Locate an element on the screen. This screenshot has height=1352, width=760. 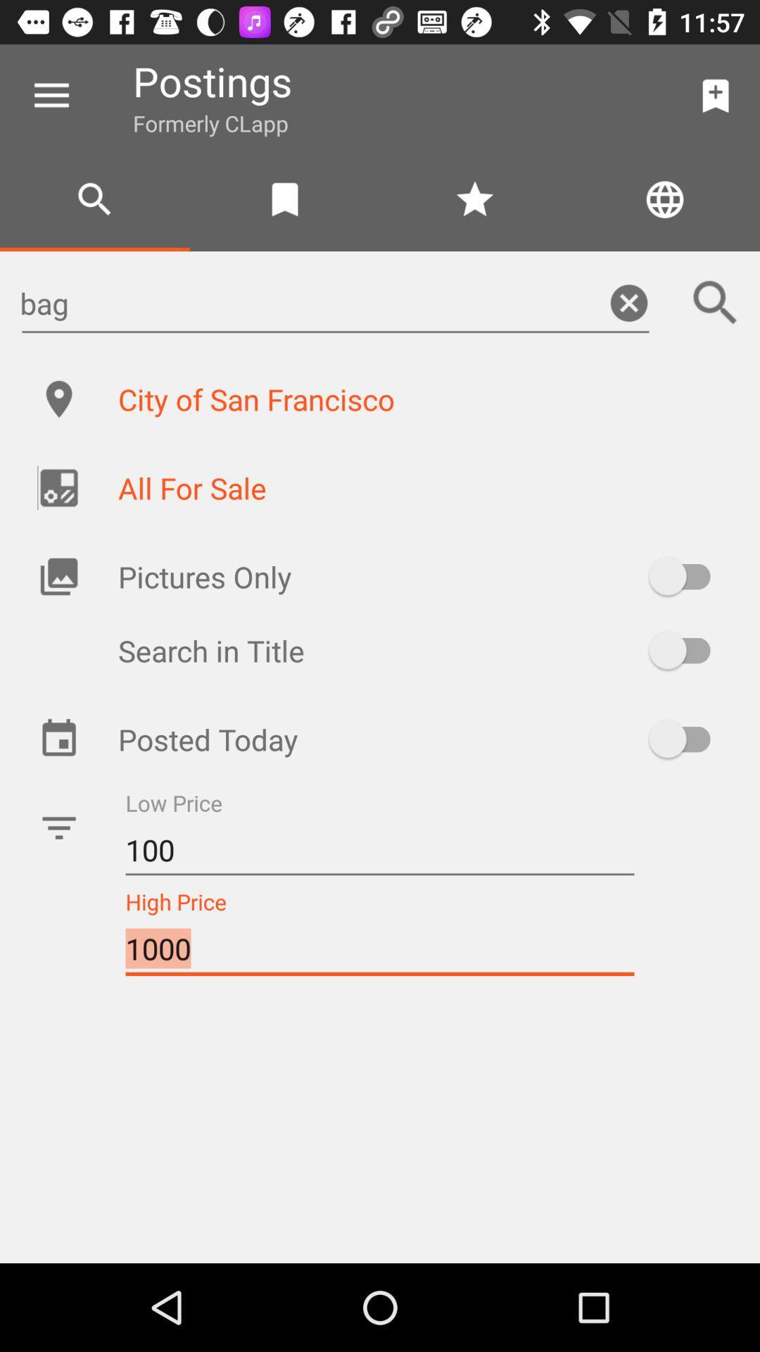
the city of san item is located at coordinates (423, 398).